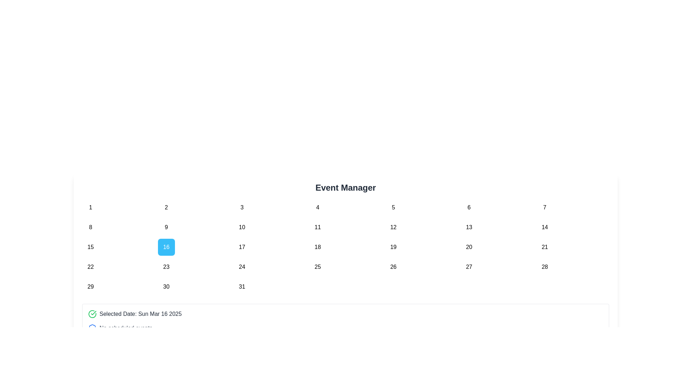 The height and width of the screenshot is (382, 680). What do you see at coordinates (242, 227) in the screenshot?
I see `the square button with rounded borders displaying the number '10'` at bounding box center [242, 227].